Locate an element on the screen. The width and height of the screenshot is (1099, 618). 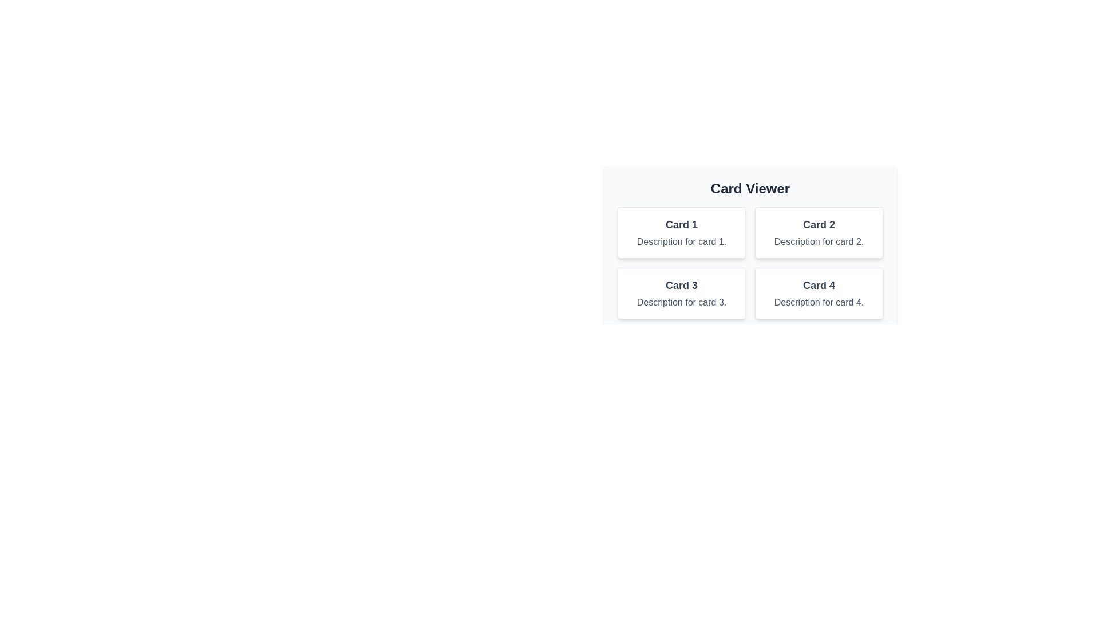
the disabled state of the 'Previous' button on the Pagination control bar, which is located at the bottom of the card viewer, with the 'Next' button on the right and the 'Page 1 of 5' text in the center is located at coordinates (750, 343).